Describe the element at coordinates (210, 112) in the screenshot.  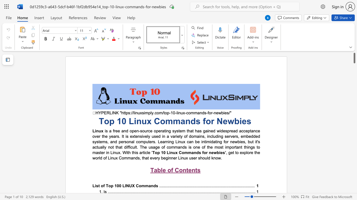
I see `the space between the continuous character "o" and "r" in the text` at that location.